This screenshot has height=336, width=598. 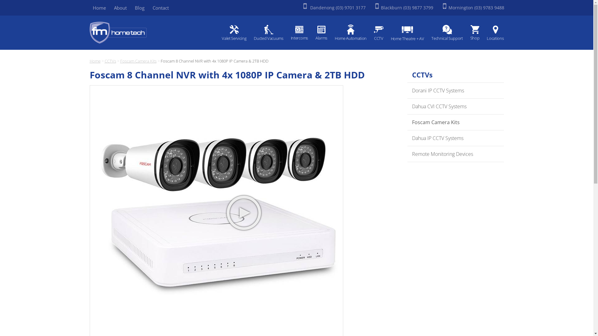 I want to click on 'Blackburn', so click(x=392, y=7).